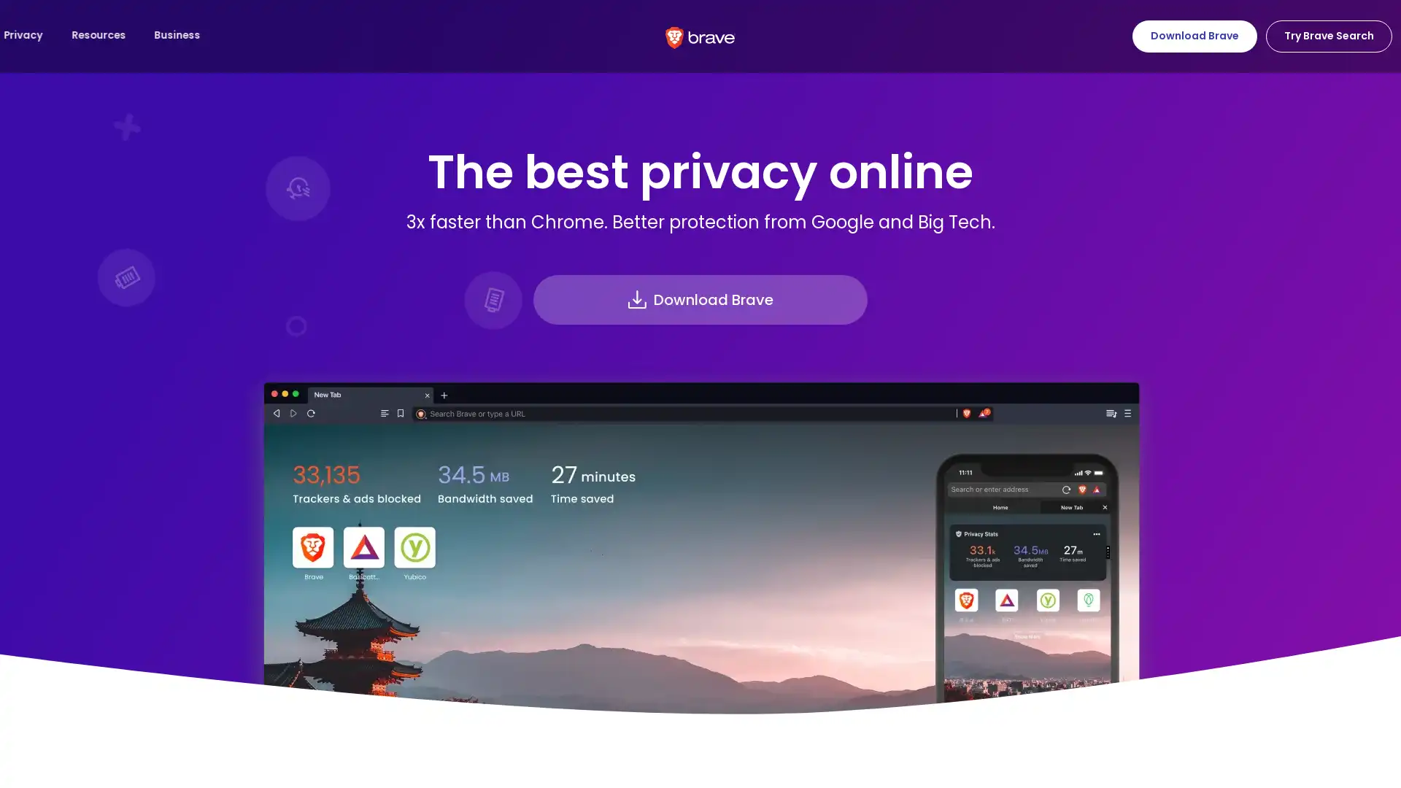 This screenshot has width=1401, height=788. What do you see at coordinates (188, 35) in the screenshot?
I see `Privacy` at bounding box center [188, 35].